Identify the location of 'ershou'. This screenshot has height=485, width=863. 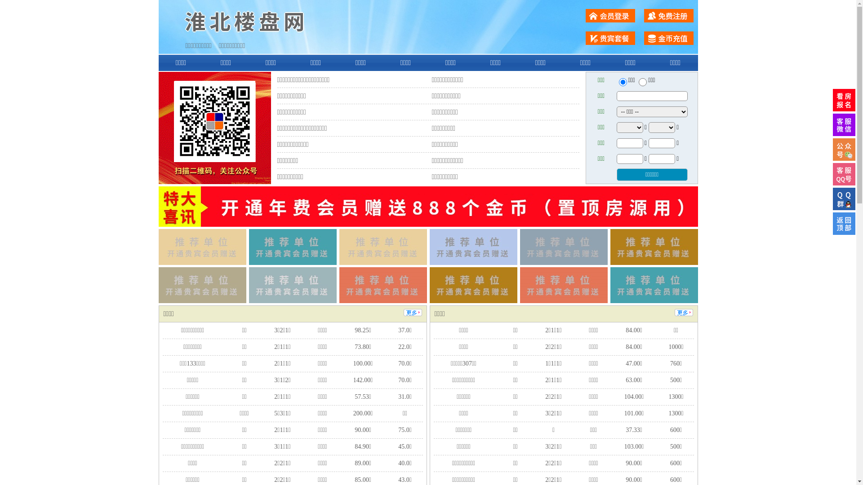
(622, 82).